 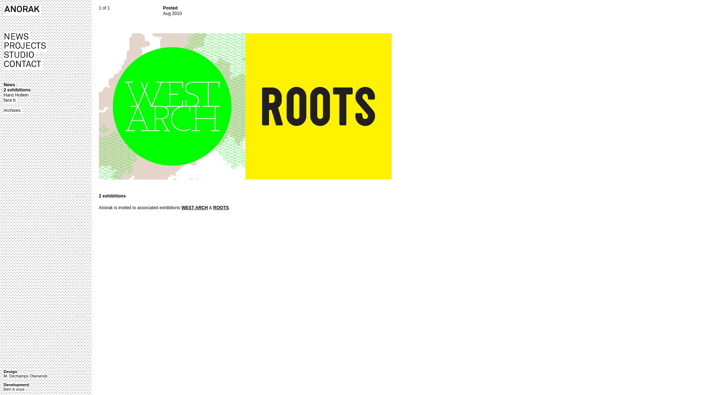 I want to click on 'M. Dechamps Otamendi', so click(x=25, y=376).